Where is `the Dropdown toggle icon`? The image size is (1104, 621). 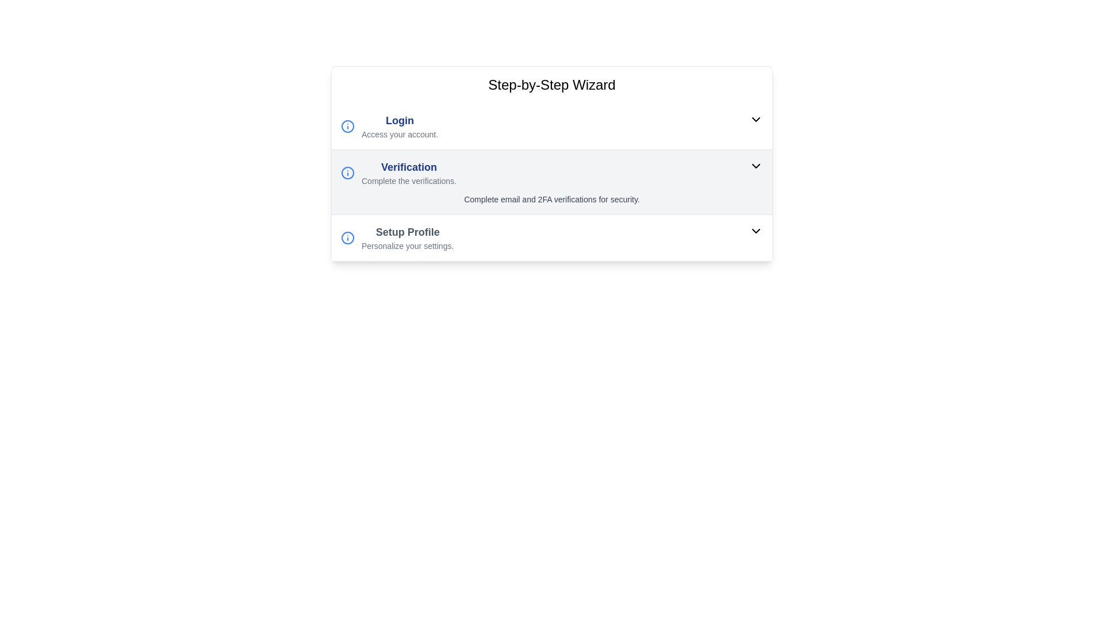
the Dropdown toggle icon is located at coordinates (756, 231).